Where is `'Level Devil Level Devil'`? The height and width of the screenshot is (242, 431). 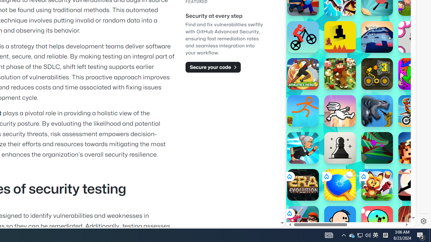 'Level Devil Level Devil' is located at coordinates (340, 37).